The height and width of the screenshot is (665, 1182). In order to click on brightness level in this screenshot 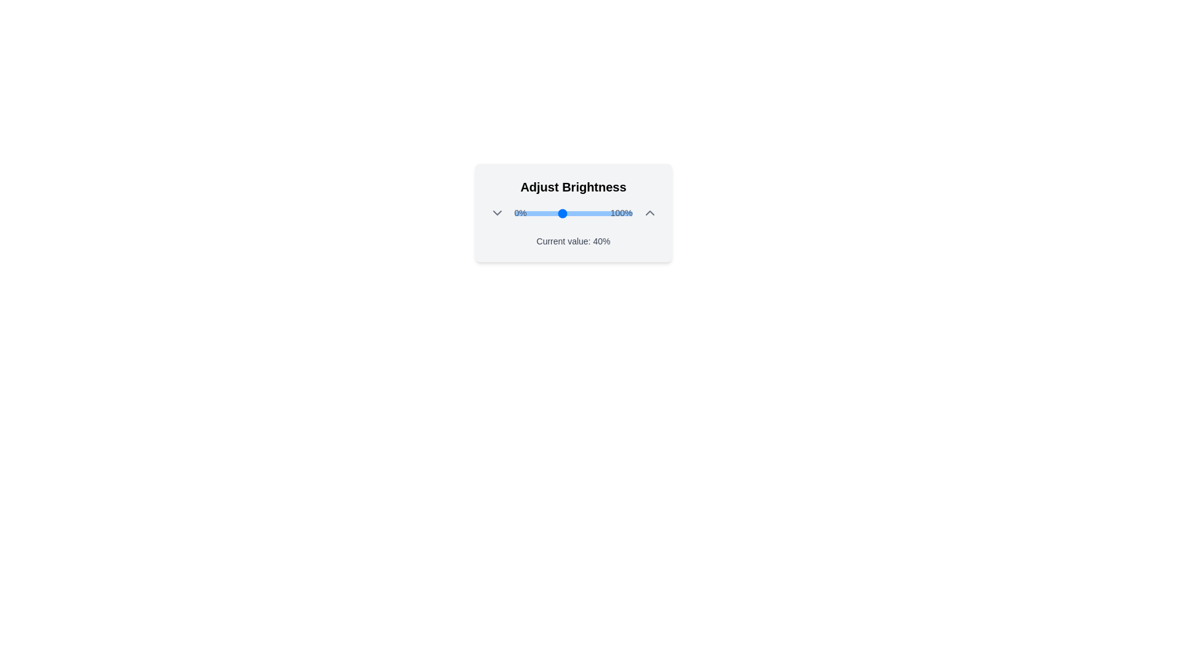, I will do `click(523, 213)`.